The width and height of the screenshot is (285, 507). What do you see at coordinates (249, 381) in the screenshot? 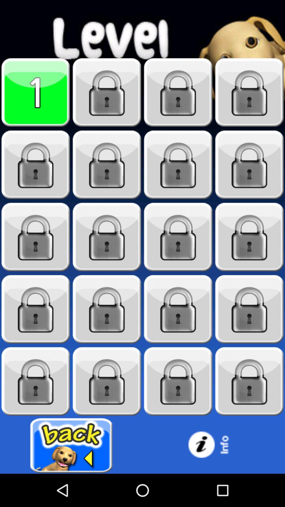
I see `level 20 locked` at bounding box center [249, 381].